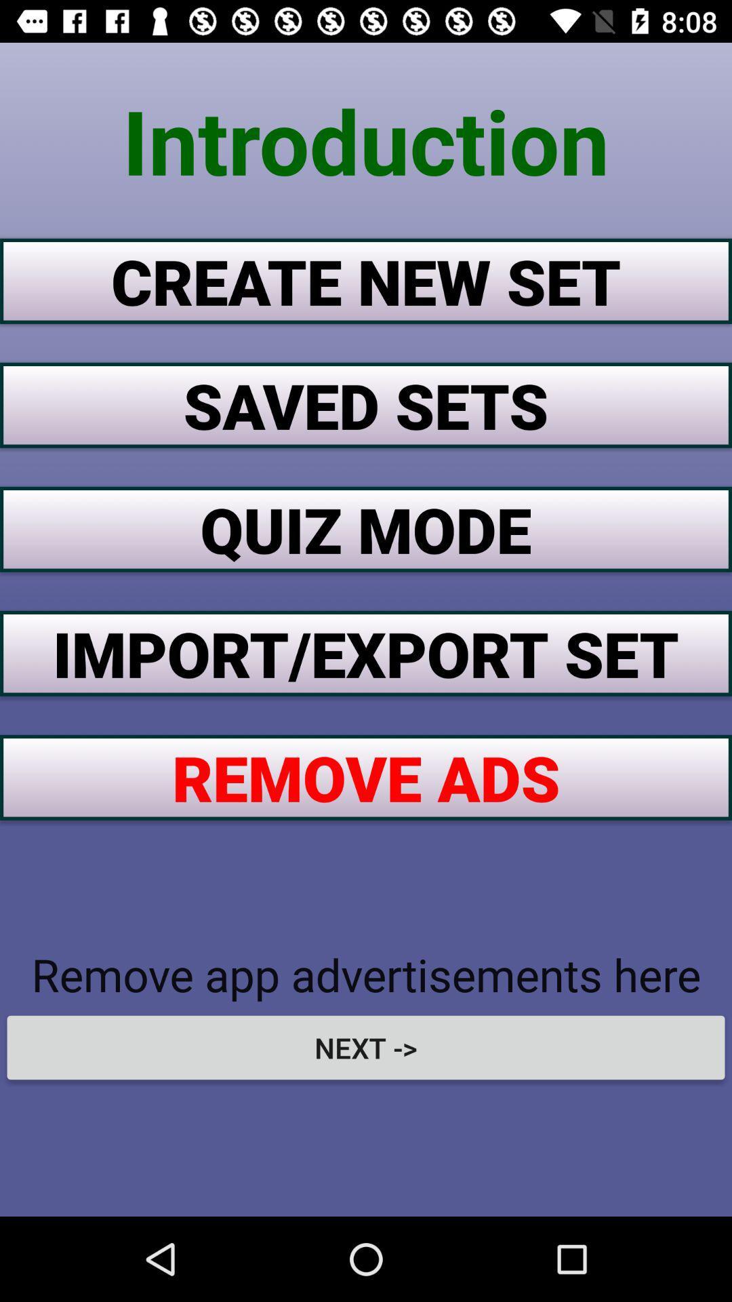 The image size is (732, 1302). What do you see at coordinates (366, 528) in the screenshot?
I see `the quiz mode item` at bounding box center [366, 528].